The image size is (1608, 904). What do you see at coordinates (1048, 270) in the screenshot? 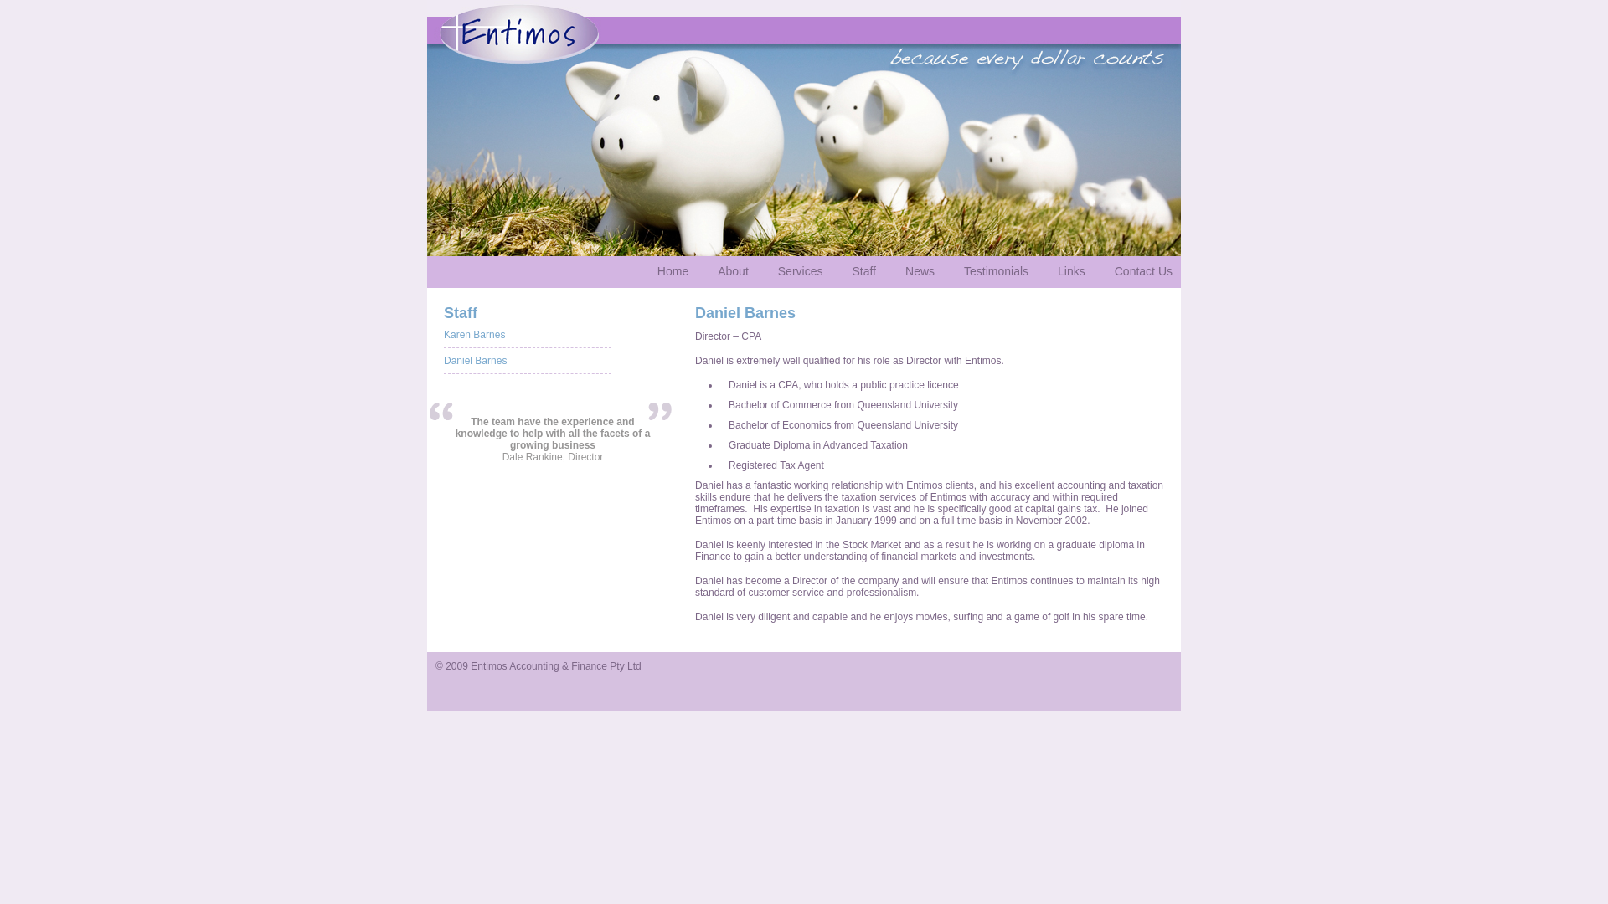
I see `'Links'` at bounding box center [1048, 270].